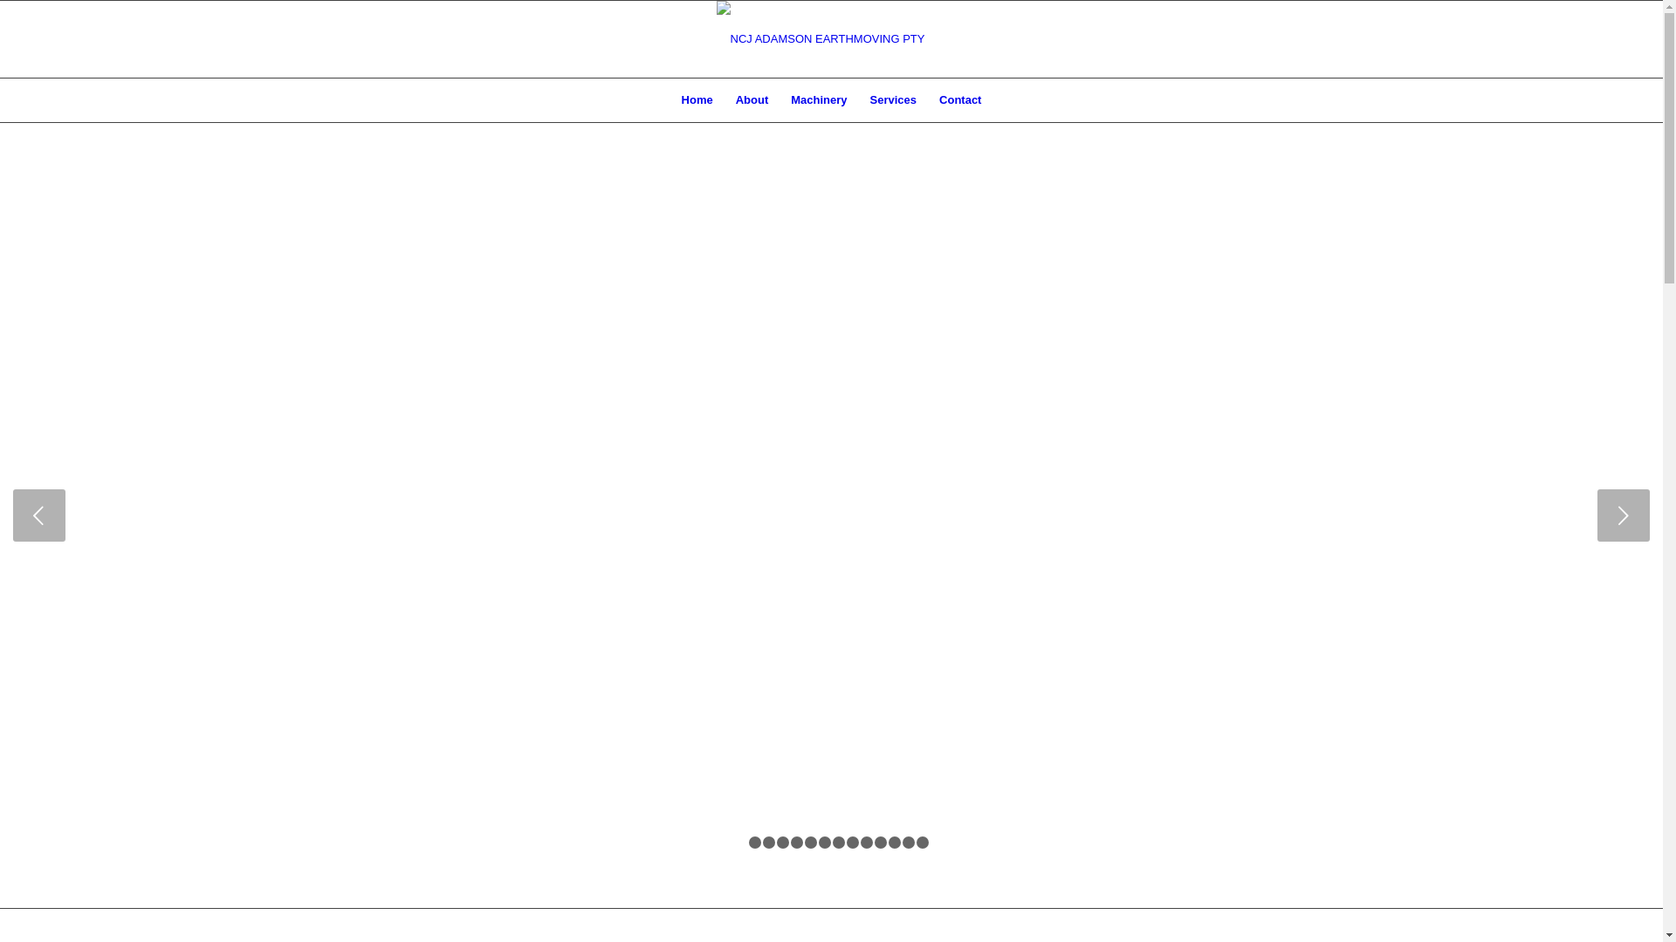 The height and width of the screenshot is (942, 1676). What do you see at coordinates (38, 514) in the screenshot?
I see `'Previous'` at bounding box center [38, 514].